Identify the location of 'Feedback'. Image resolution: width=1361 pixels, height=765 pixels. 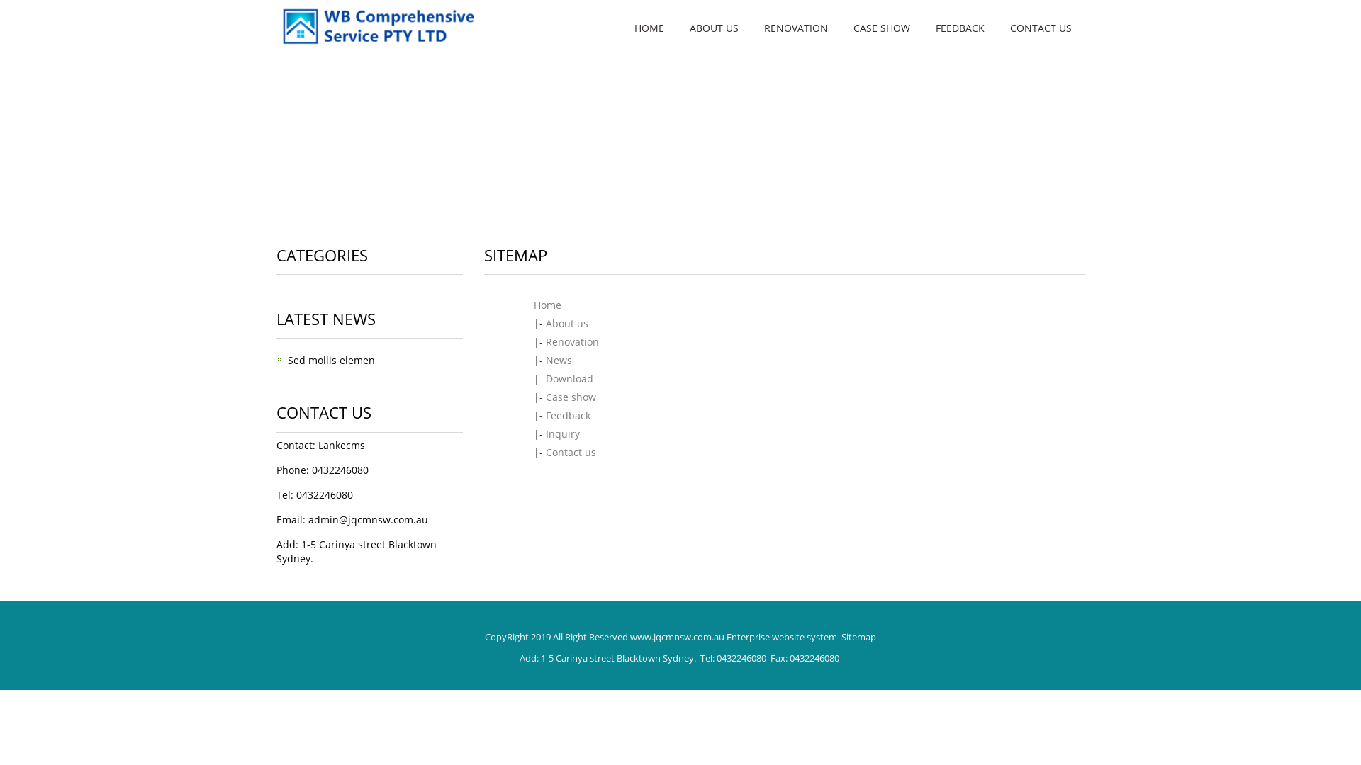
(544, 414).